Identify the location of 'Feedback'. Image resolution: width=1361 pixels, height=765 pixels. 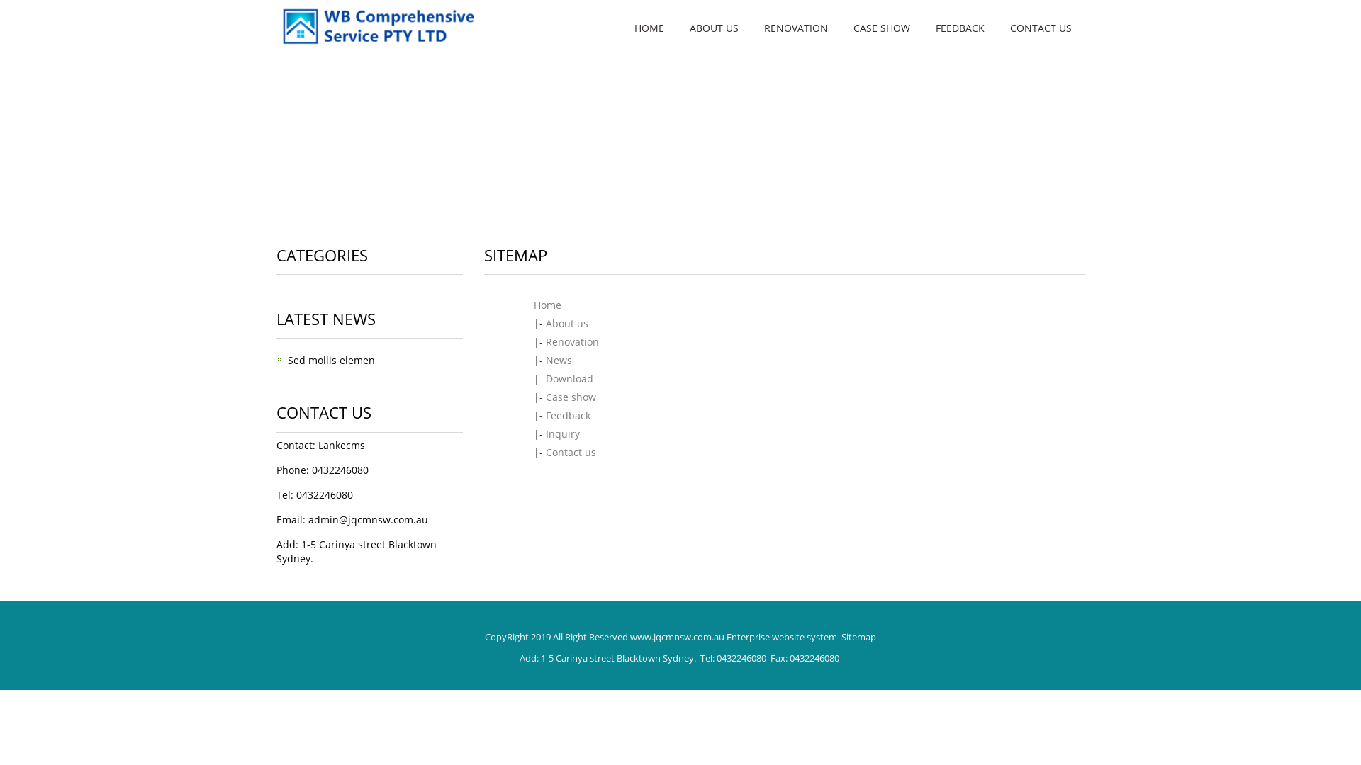
(544, 414).